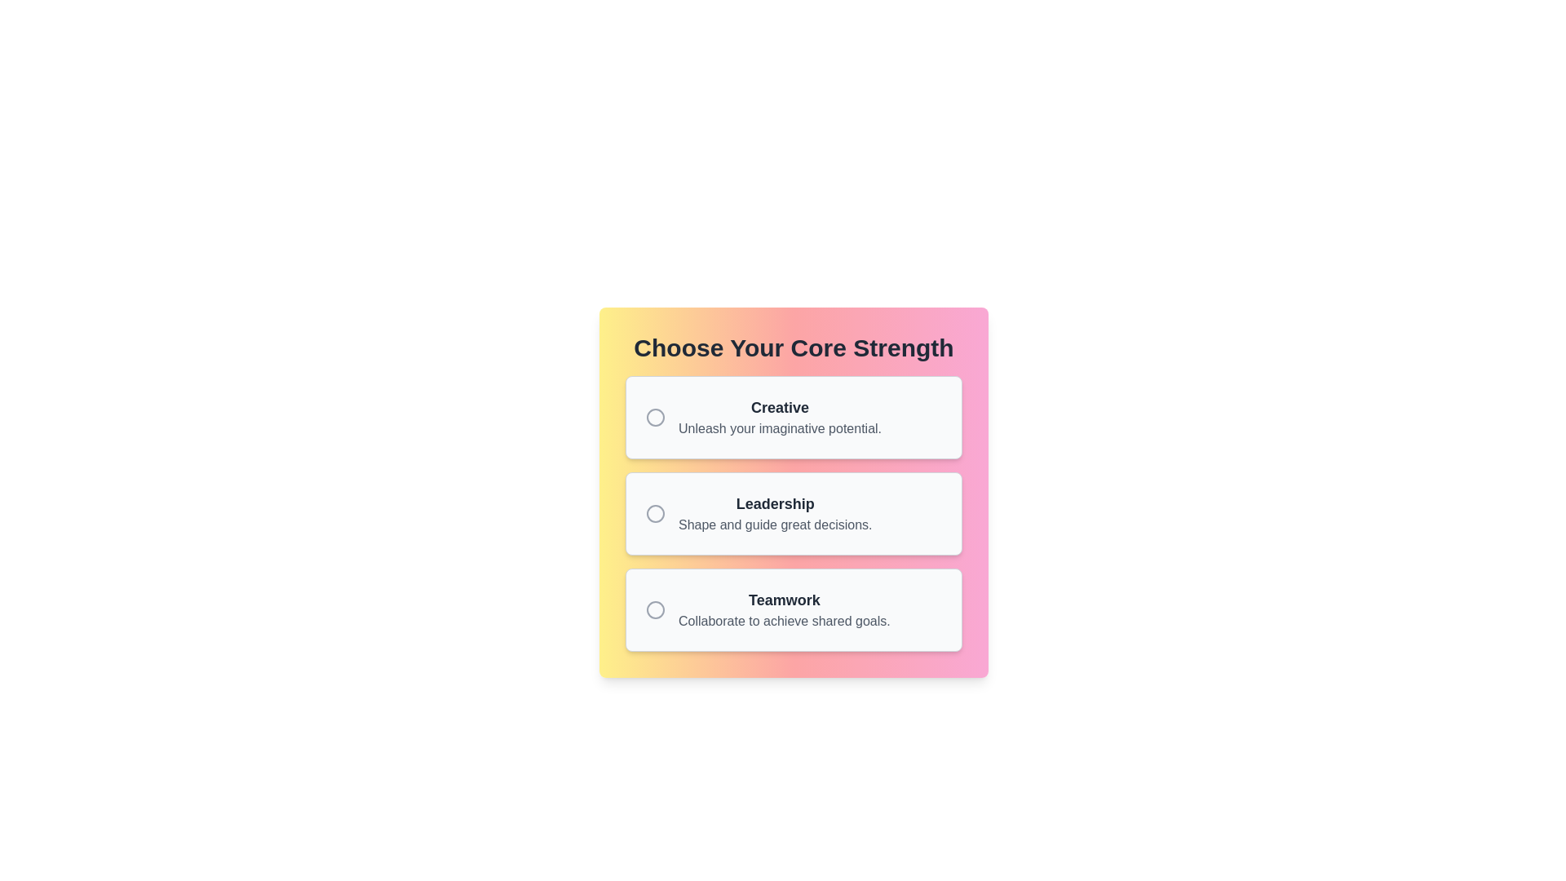 Image resolution: width=1566 pixels, height=881 pixels. I want to click on the second item in the vertical list of options labeled 'Choose Your Core Strength', so click(774, 512).